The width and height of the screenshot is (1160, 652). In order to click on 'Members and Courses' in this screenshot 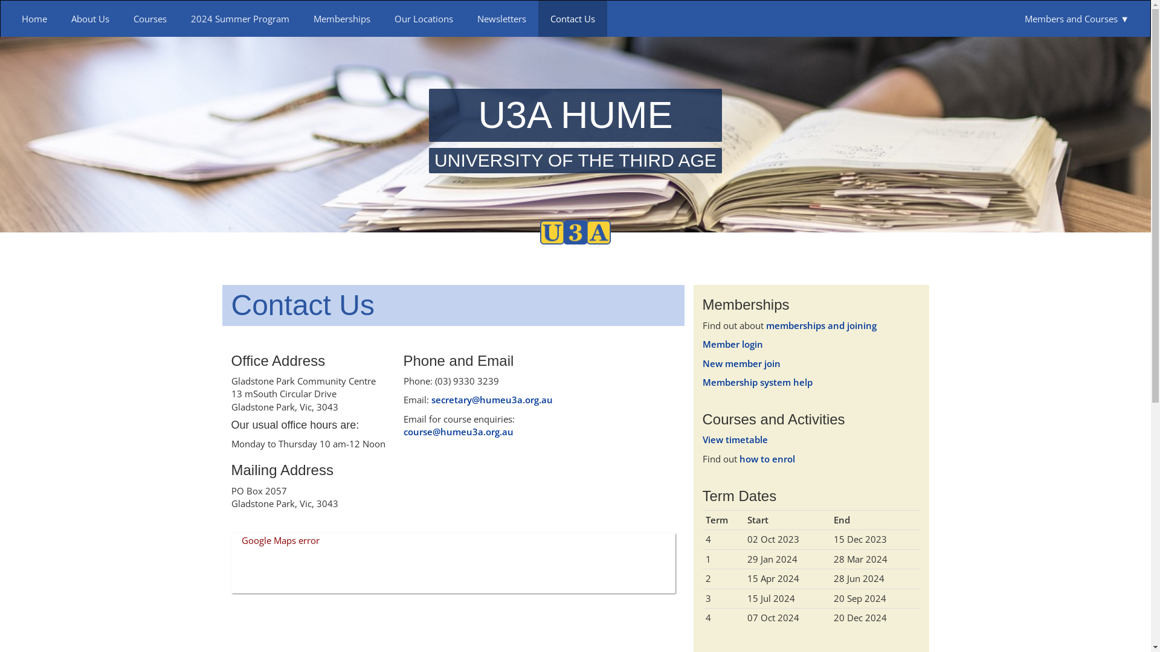, I will do `click(1077, 18)`.